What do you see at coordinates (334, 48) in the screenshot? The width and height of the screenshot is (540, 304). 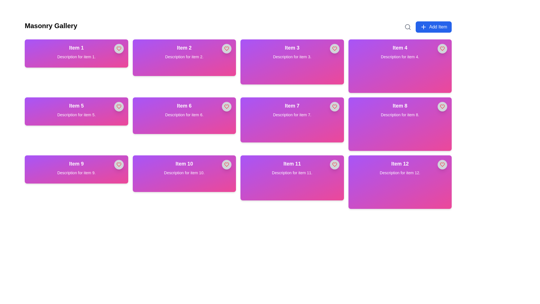 I see `the heart icon representing the favorite button located at the top-right corner of the card labeled 'Item 3' to favorite or unfavorite the item` at bounding box center [334, 48].